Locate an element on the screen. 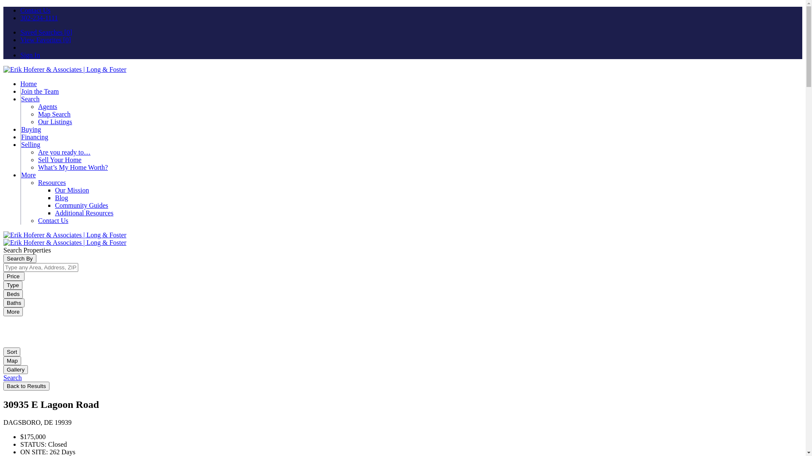 The image size is (812, 456). 'More' is located at coordinates (28, 174).